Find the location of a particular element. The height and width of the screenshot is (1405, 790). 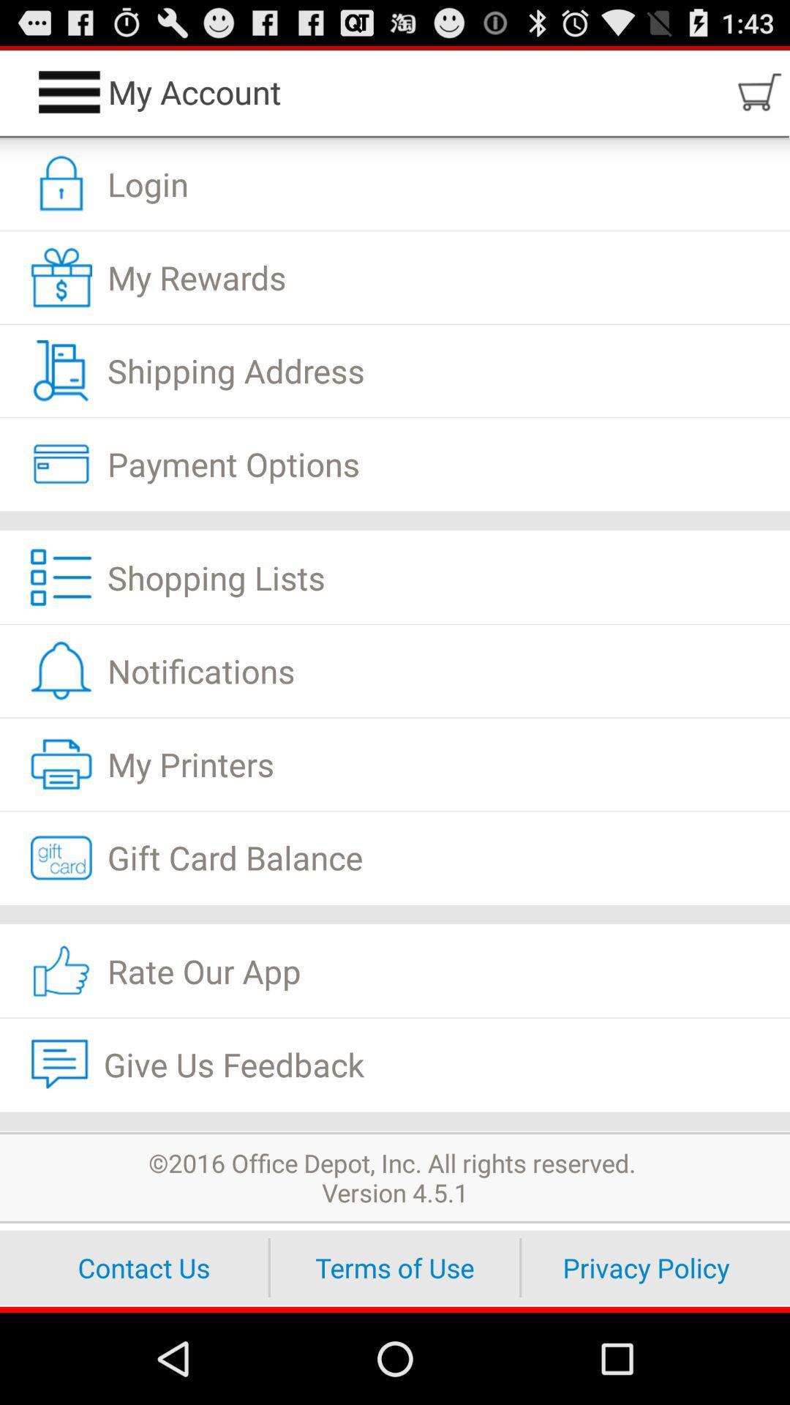

icon below gift card balance is located at coordinates (395, 913).